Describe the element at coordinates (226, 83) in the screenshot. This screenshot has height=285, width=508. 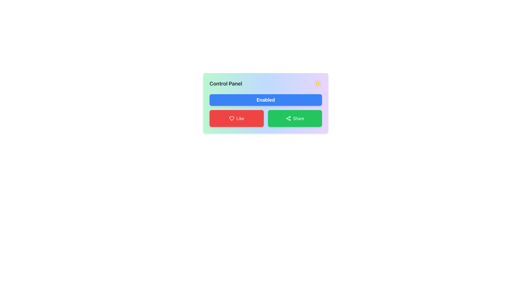
I see `the 'Control Panel' text element, which is styled with a bold font and located in the upper-left part of the panel` at that location.